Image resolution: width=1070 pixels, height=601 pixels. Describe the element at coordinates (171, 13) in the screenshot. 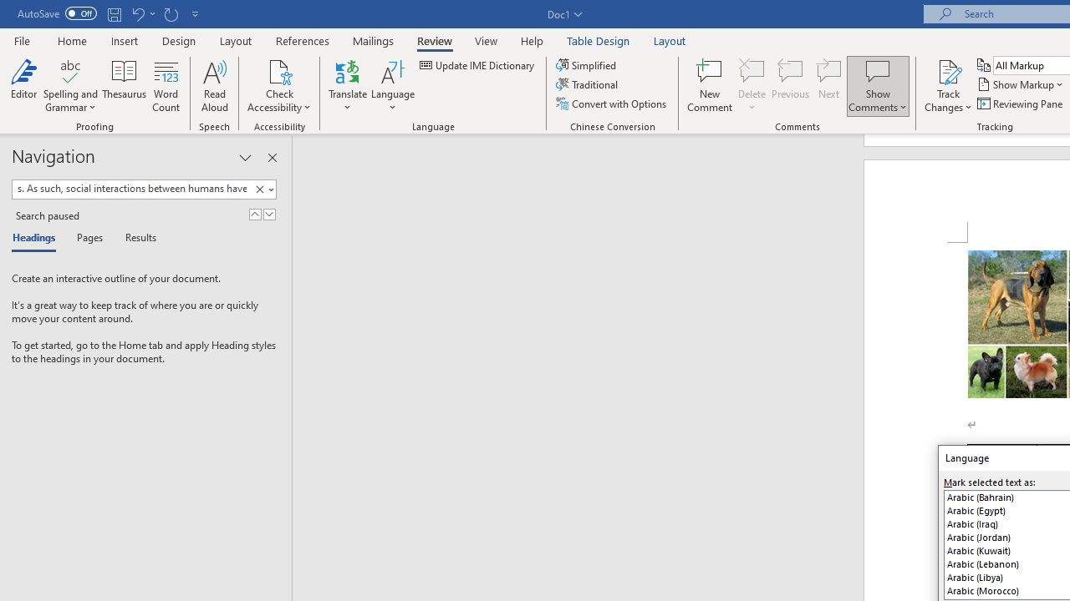

I see `'Repeat Style'` at that location.